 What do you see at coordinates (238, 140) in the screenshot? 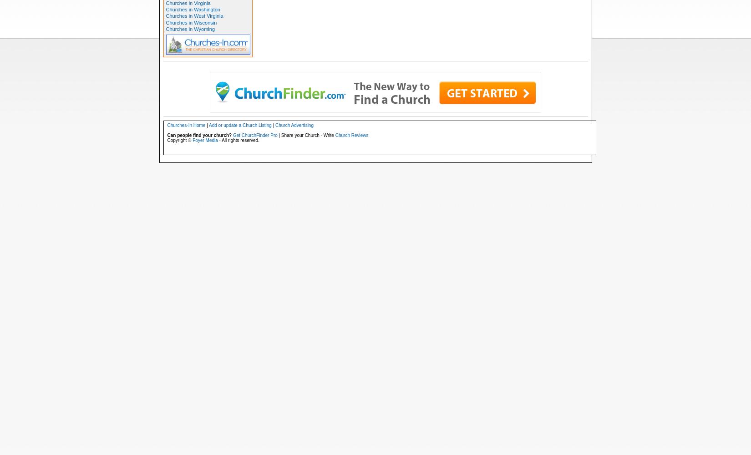
I see `'- All rights reserved.'` at bounding box center [238, 140].